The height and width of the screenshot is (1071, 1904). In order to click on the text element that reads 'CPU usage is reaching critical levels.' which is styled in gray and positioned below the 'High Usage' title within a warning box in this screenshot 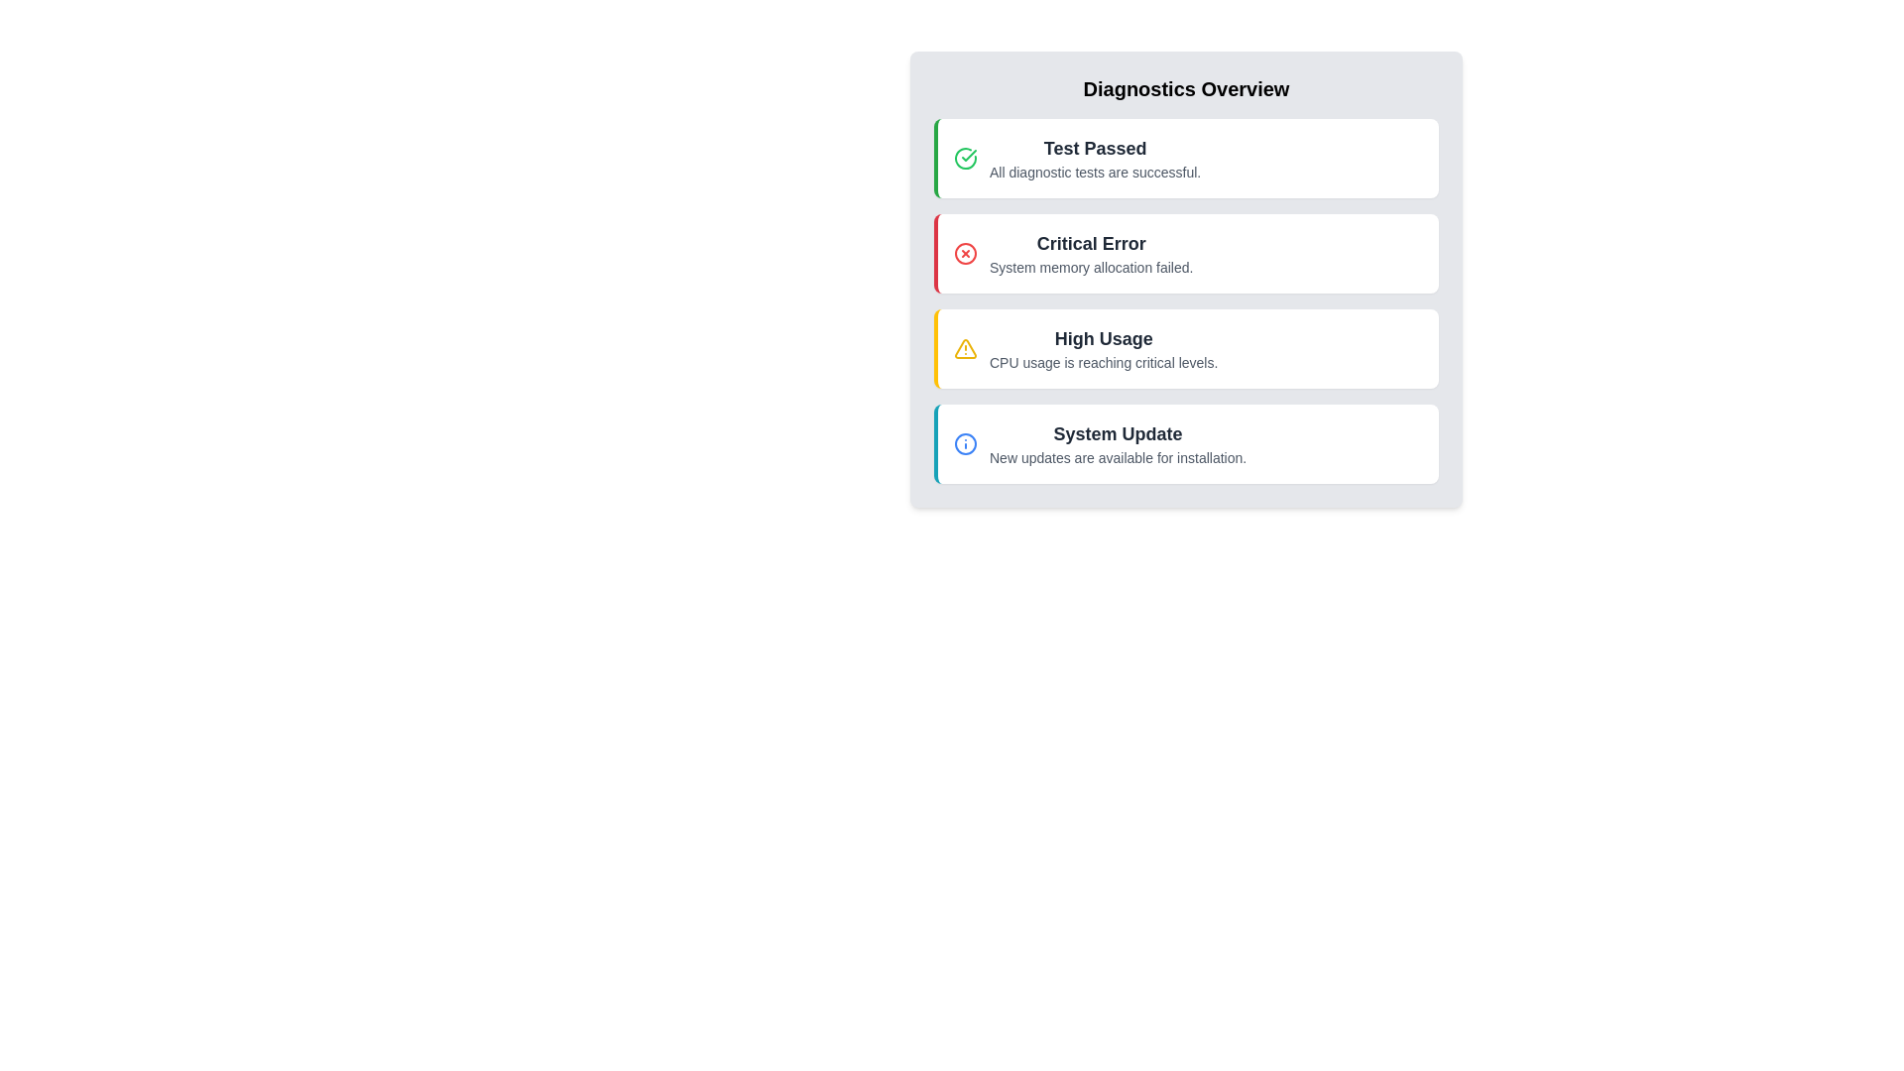, I will do `click(1103, 363)`.